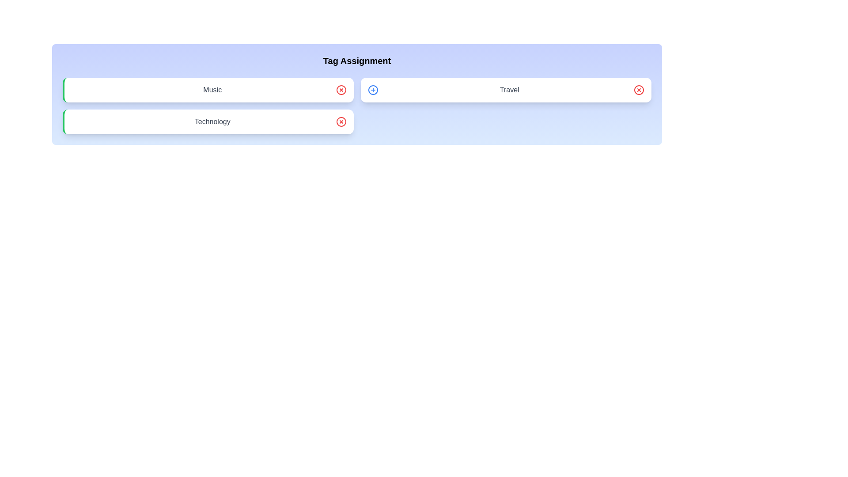 The width and height of the screenshot is (848, 477). I want to click on the tag labeled 'Technology' to observe hover-specific effects, so click(208, 122).